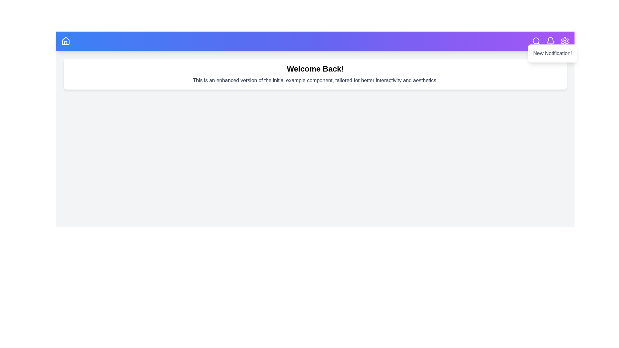 The image size is (619, 348). I want to click on the main content area of the component, so click(315, 215).